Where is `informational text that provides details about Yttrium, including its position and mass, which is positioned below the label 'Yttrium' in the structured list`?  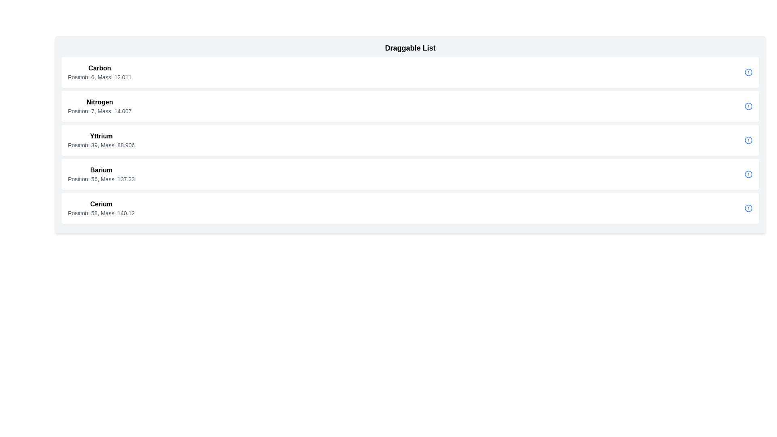
informational text that provides details about Yttrium, including its position and mass, which is positioned below the label 'Yttrium' in the structured list is located at coordinates (101, 144).